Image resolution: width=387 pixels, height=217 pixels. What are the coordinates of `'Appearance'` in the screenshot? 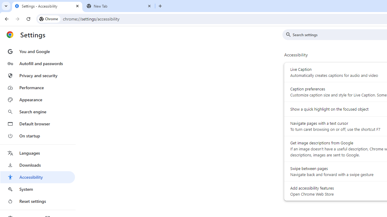 It's located at (37, 99).